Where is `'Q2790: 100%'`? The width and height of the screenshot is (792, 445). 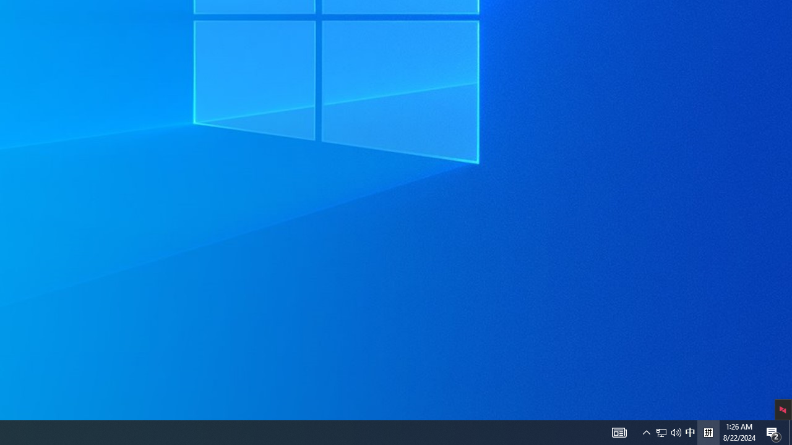 'Q2790: 100%' is located at coordinates (676, 431).